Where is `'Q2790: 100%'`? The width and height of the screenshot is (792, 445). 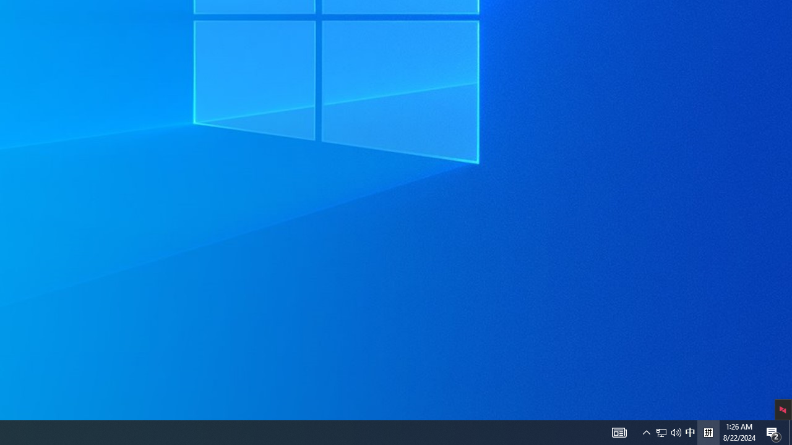 'Q2790: 100%' is located at coordinates (676, 431).